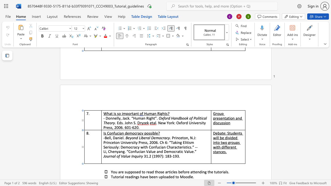 The width and height of the screenshot is (331, 186). Describe the element at coordinates (123, 156) in the screenshot. I see `the space between the continuous character "V" and "a" in the text` at that location.